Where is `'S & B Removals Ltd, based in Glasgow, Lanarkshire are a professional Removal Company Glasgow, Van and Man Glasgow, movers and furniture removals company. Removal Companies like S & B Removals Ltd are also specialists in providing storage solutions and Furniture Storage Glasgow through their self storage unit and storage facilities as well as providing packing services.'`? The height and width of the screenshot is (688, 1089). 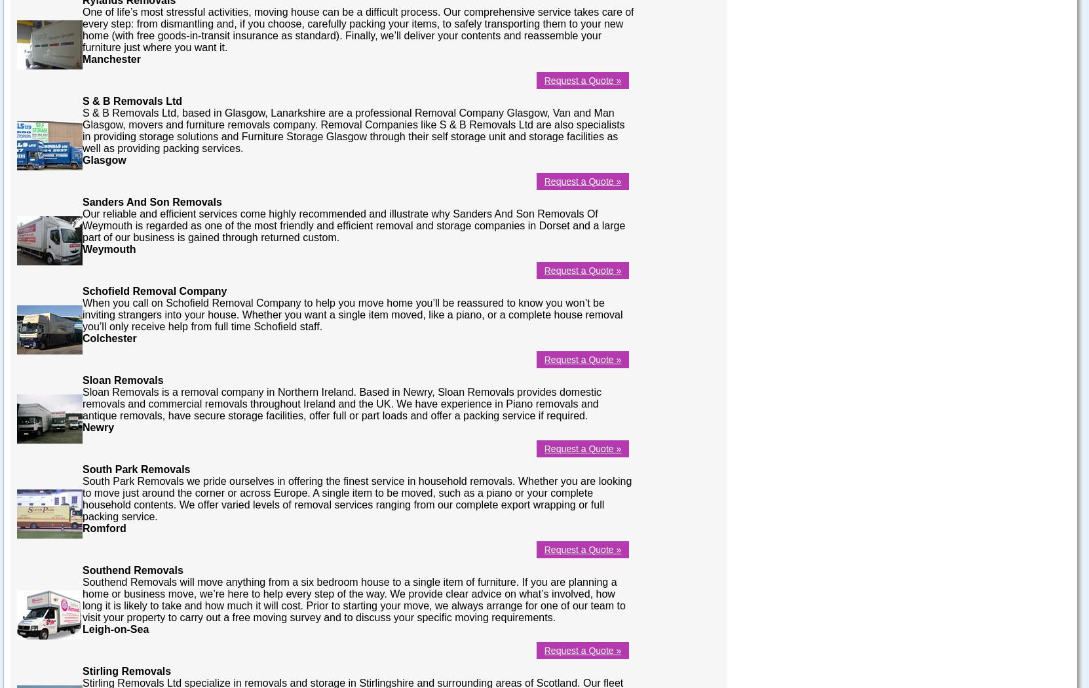
'S & B Removals Ltd, based in Glasgow, Lanarkshire are a professional Removal Company Glasgow, Van and Man Glasgow, movers and furniture removals company. Removal Companies like S & B Removals Ltd are also specialists in providing storage solutions and Furniture Storage Glasgow through their self storage unit and storage facilities as well as providing packing services.' is located at coordinates (82, 129).